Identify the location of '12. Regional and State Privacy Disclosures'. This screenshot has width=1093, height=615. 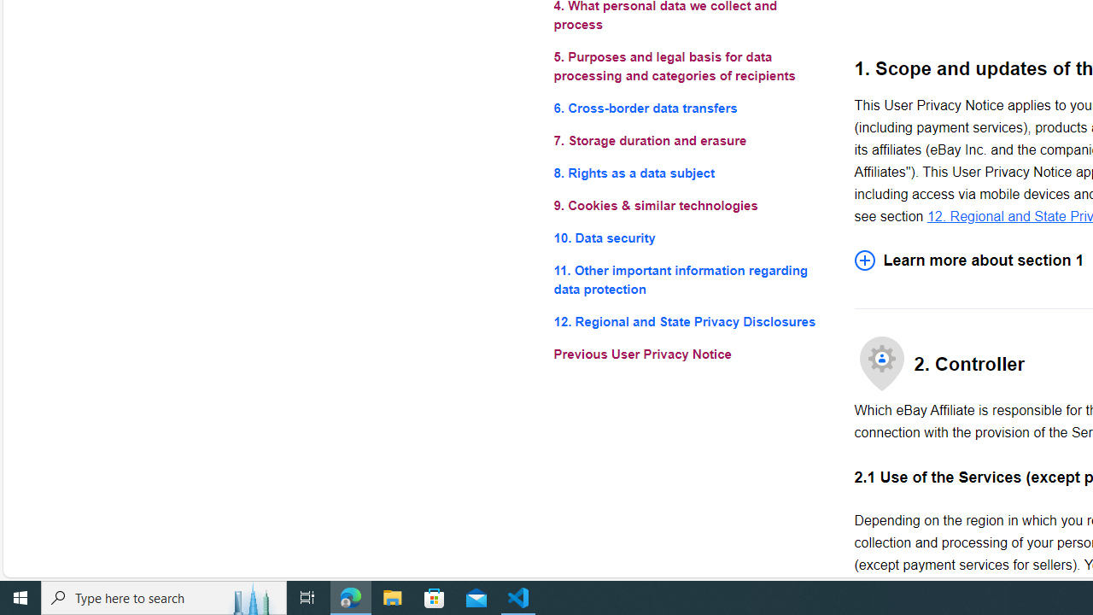
(690, 322).